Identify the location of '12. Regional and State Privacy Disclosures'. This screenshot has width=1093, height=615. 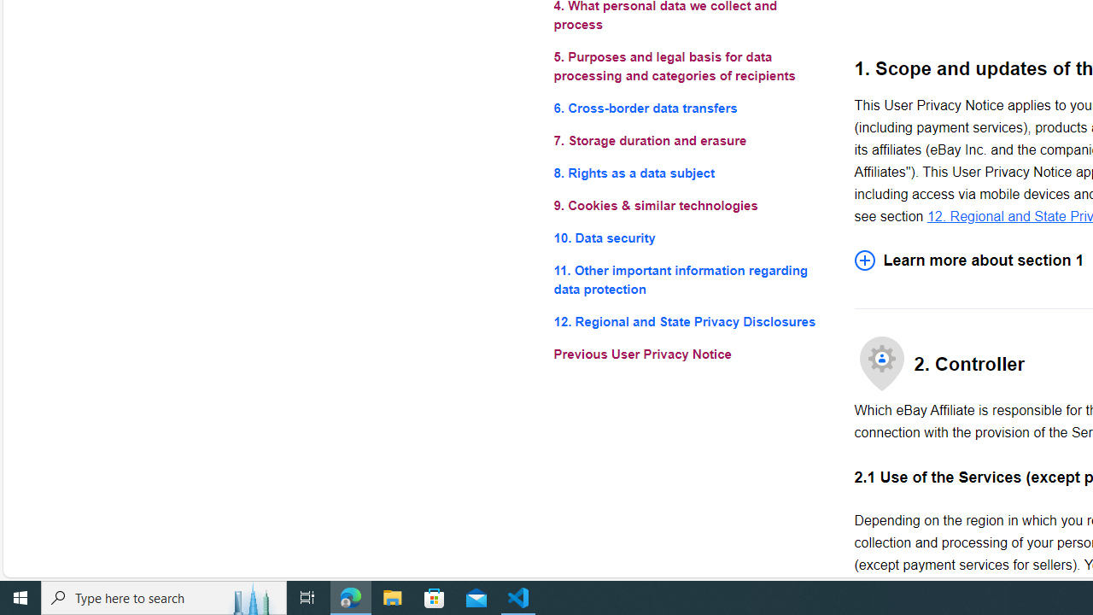
(690, 322).